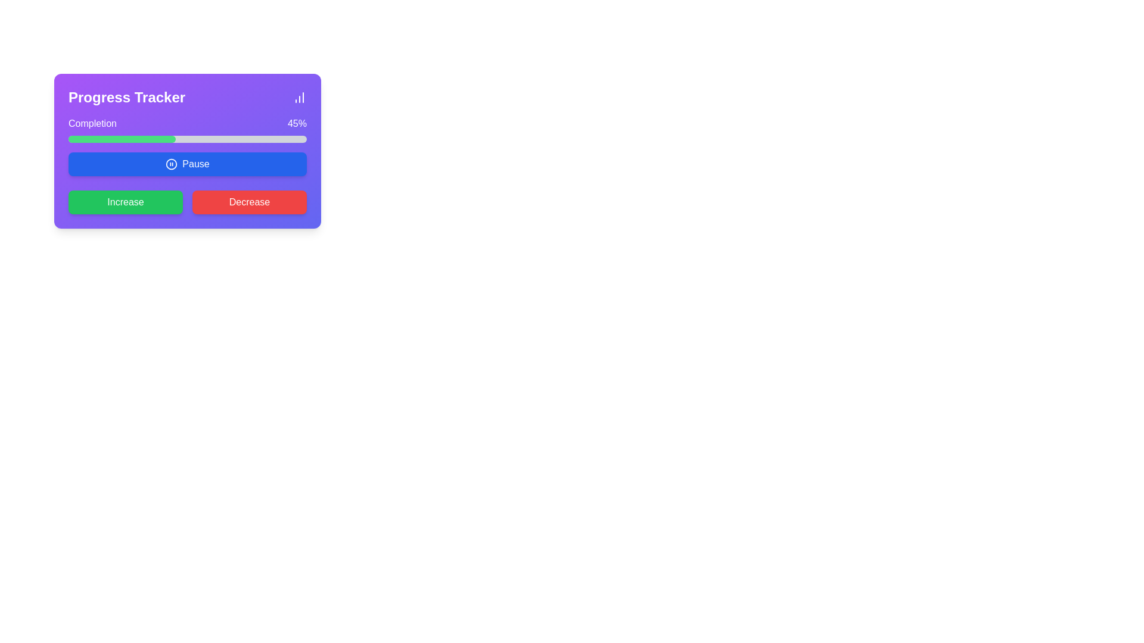 The image size is (1144, 643). What do you see at coordinates (187, 201) in the screenshot?
I see `the 'Increase' button in the button group located below the 'Pause' button to increment the value` at bounding box center [187, 201].